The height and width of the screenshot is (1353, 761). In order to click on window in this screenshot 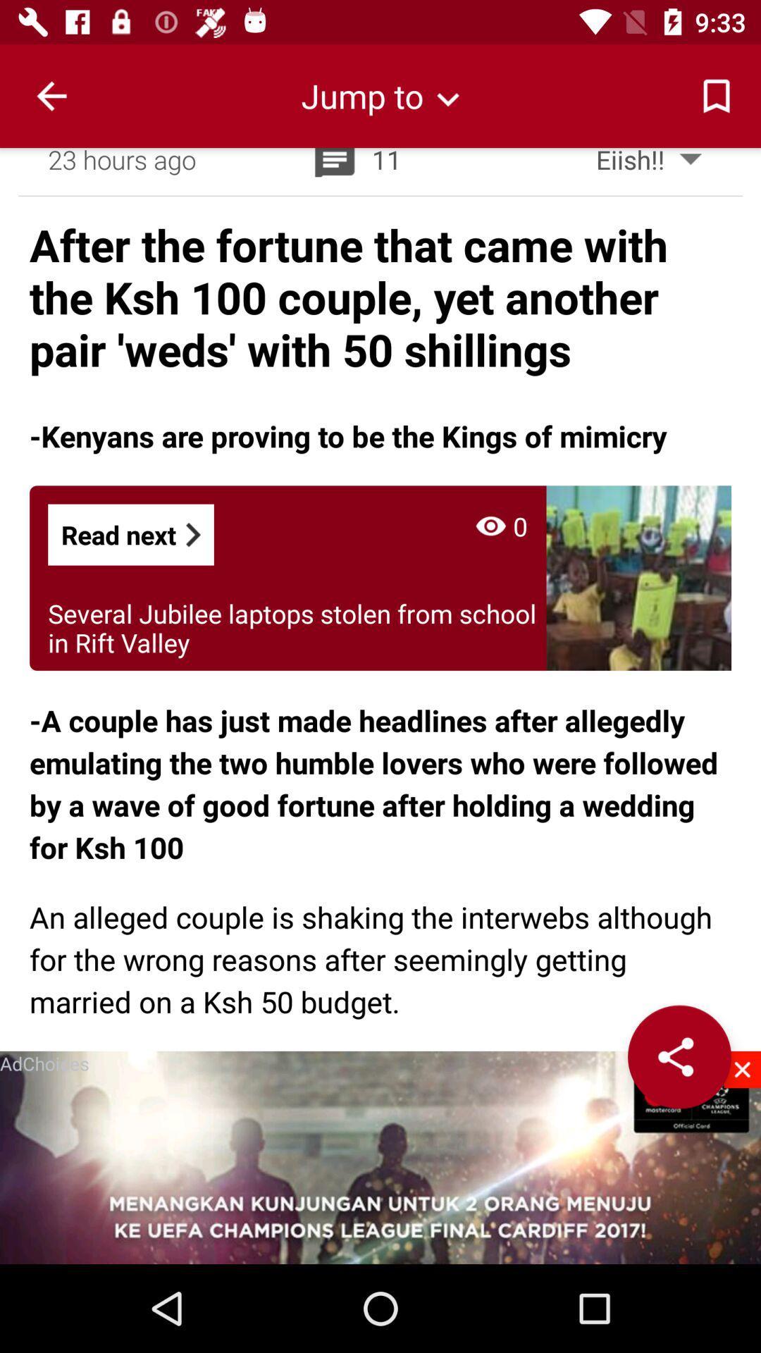, I will do `click(741, 1069)`.